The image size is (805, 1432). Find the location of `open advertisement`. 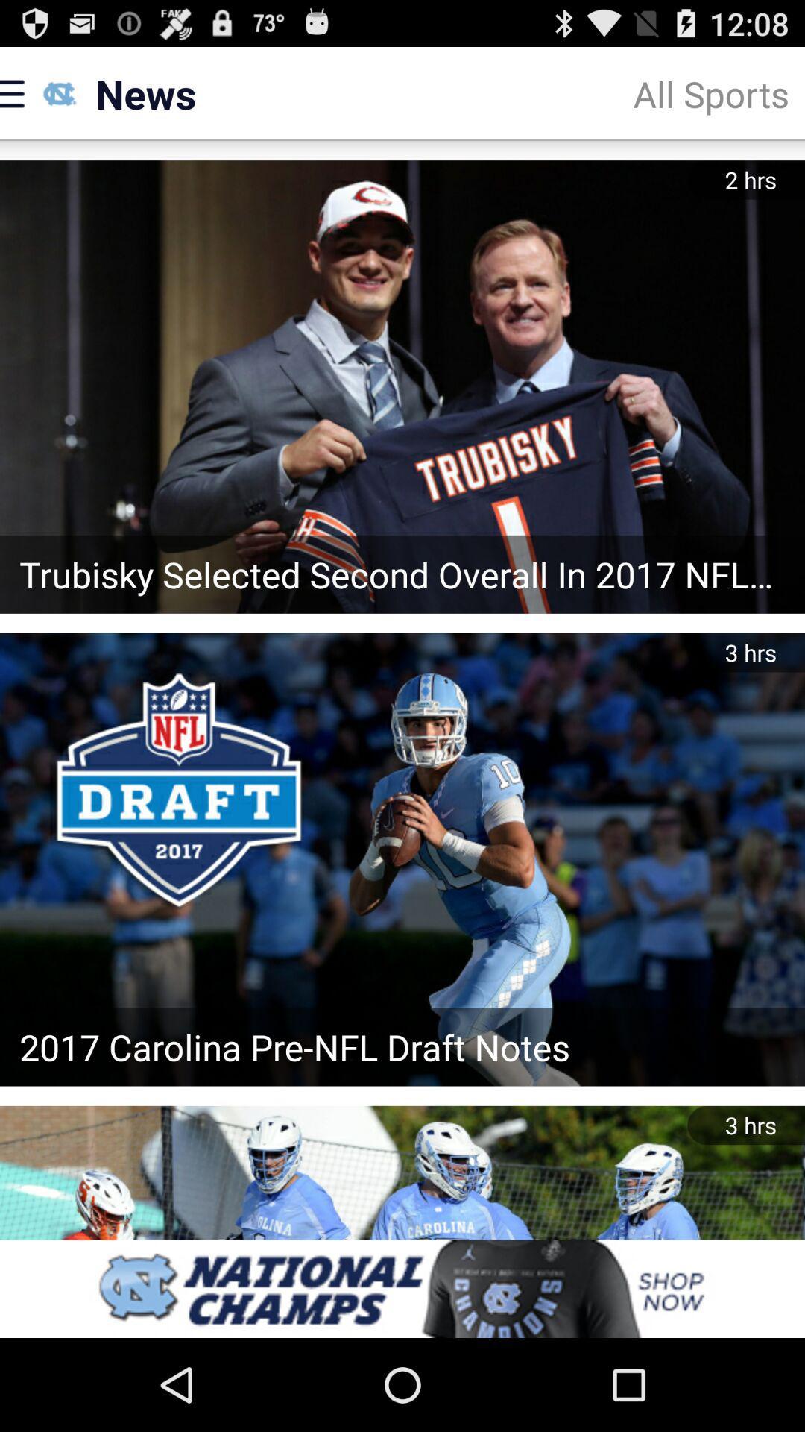

open advertisement is located at coordinates (402, 1288).